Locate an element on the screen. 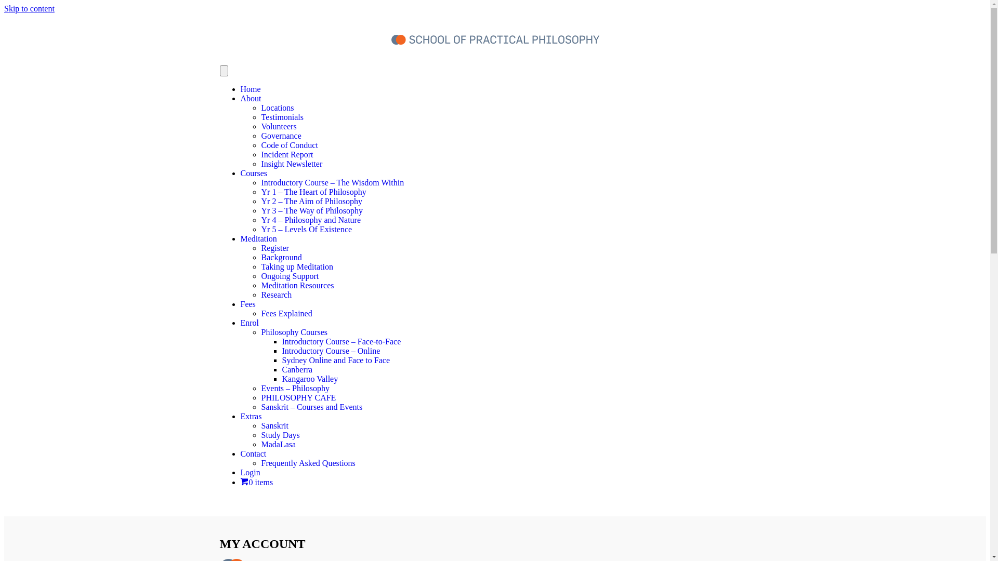 This screenshot has height=561, width=998. 'Frequently Asked Questions' is located at coordinates (307, 462).